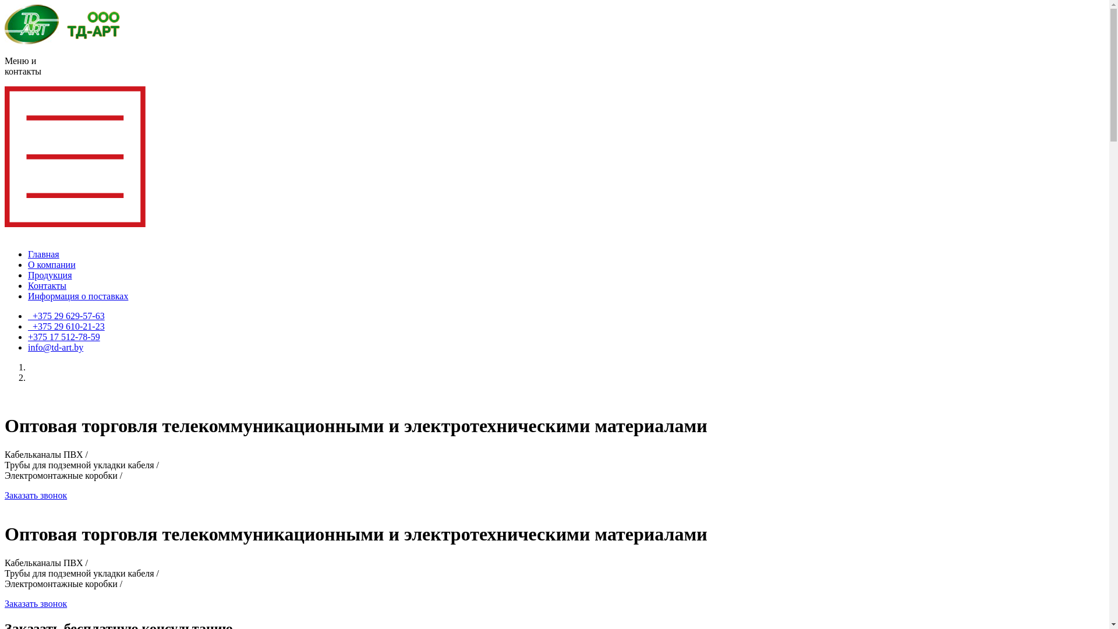 This screenshot has width=1118, height=629. I want to click on 'info@td-art.by', so click(55, 347).